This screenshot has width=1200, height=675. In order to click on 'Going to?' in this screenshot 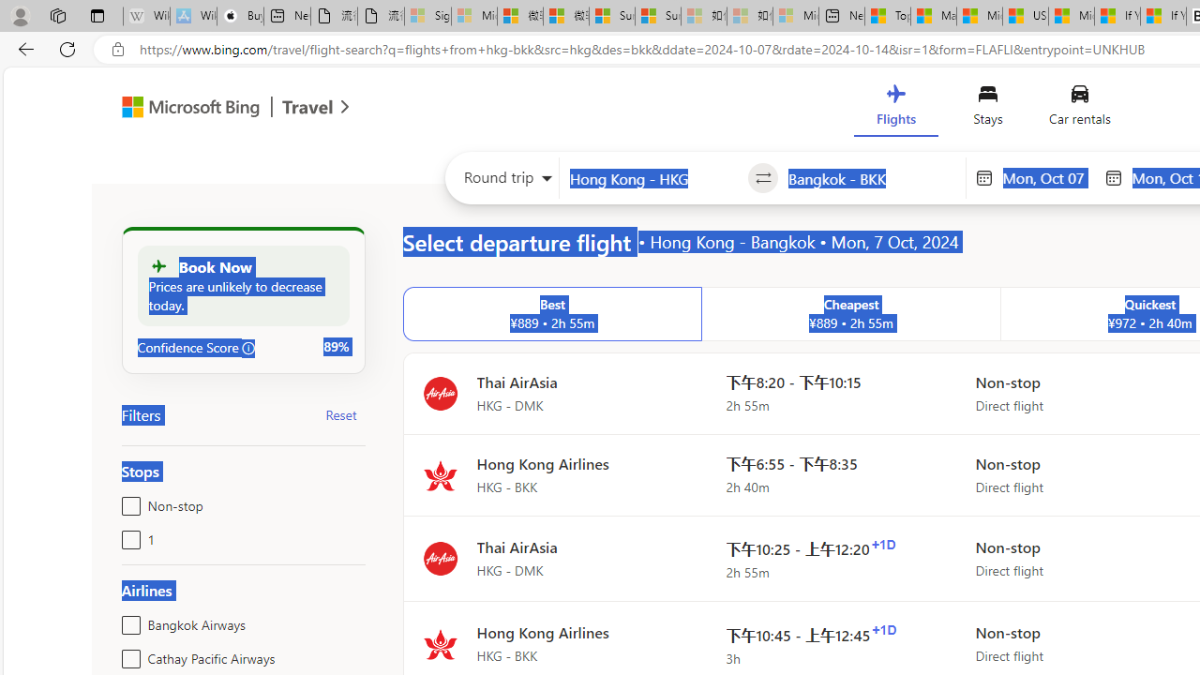, I will do `click(871, 178)`.